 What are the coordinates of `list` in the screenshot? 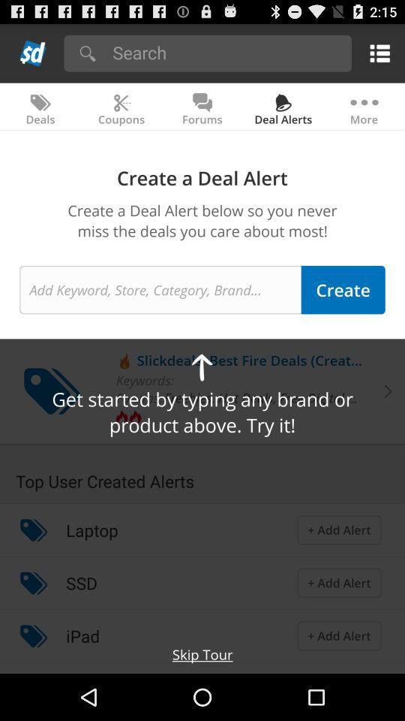 It's located at (376, 53).